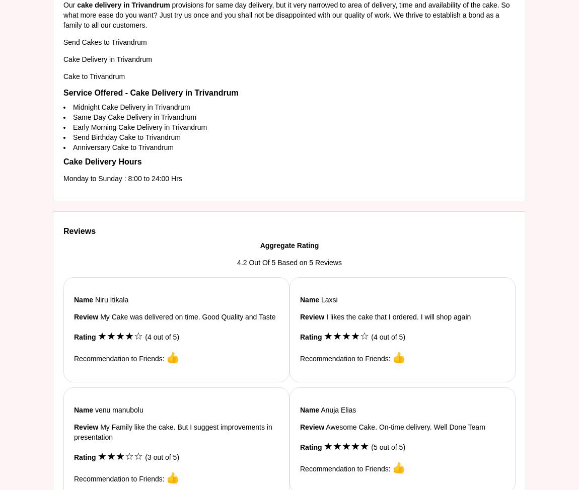  Describe the element at coordinates (337, 410) in the screenshot. I see `'Anuja Elias'` at that location.